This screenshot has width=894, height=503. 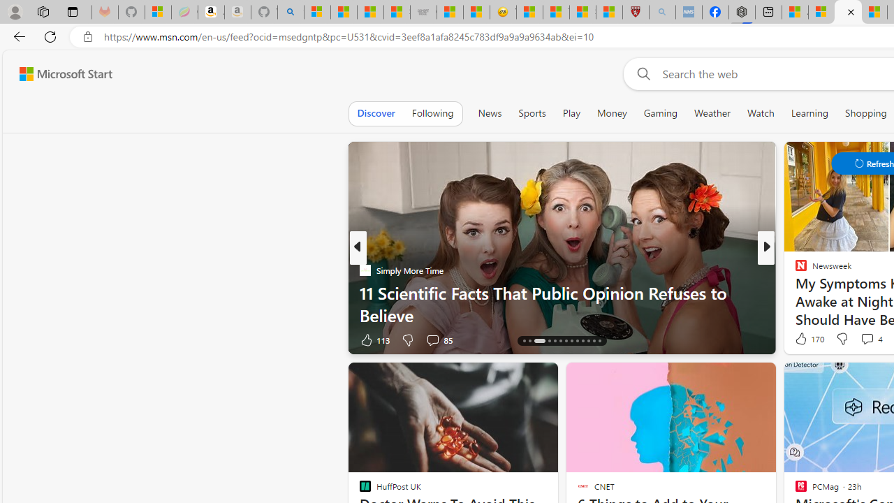 What do you see at coordinates (523, 341) in the screenshot?
I see `'AutomationID: tab-14'` at bounding box center [523, 341].